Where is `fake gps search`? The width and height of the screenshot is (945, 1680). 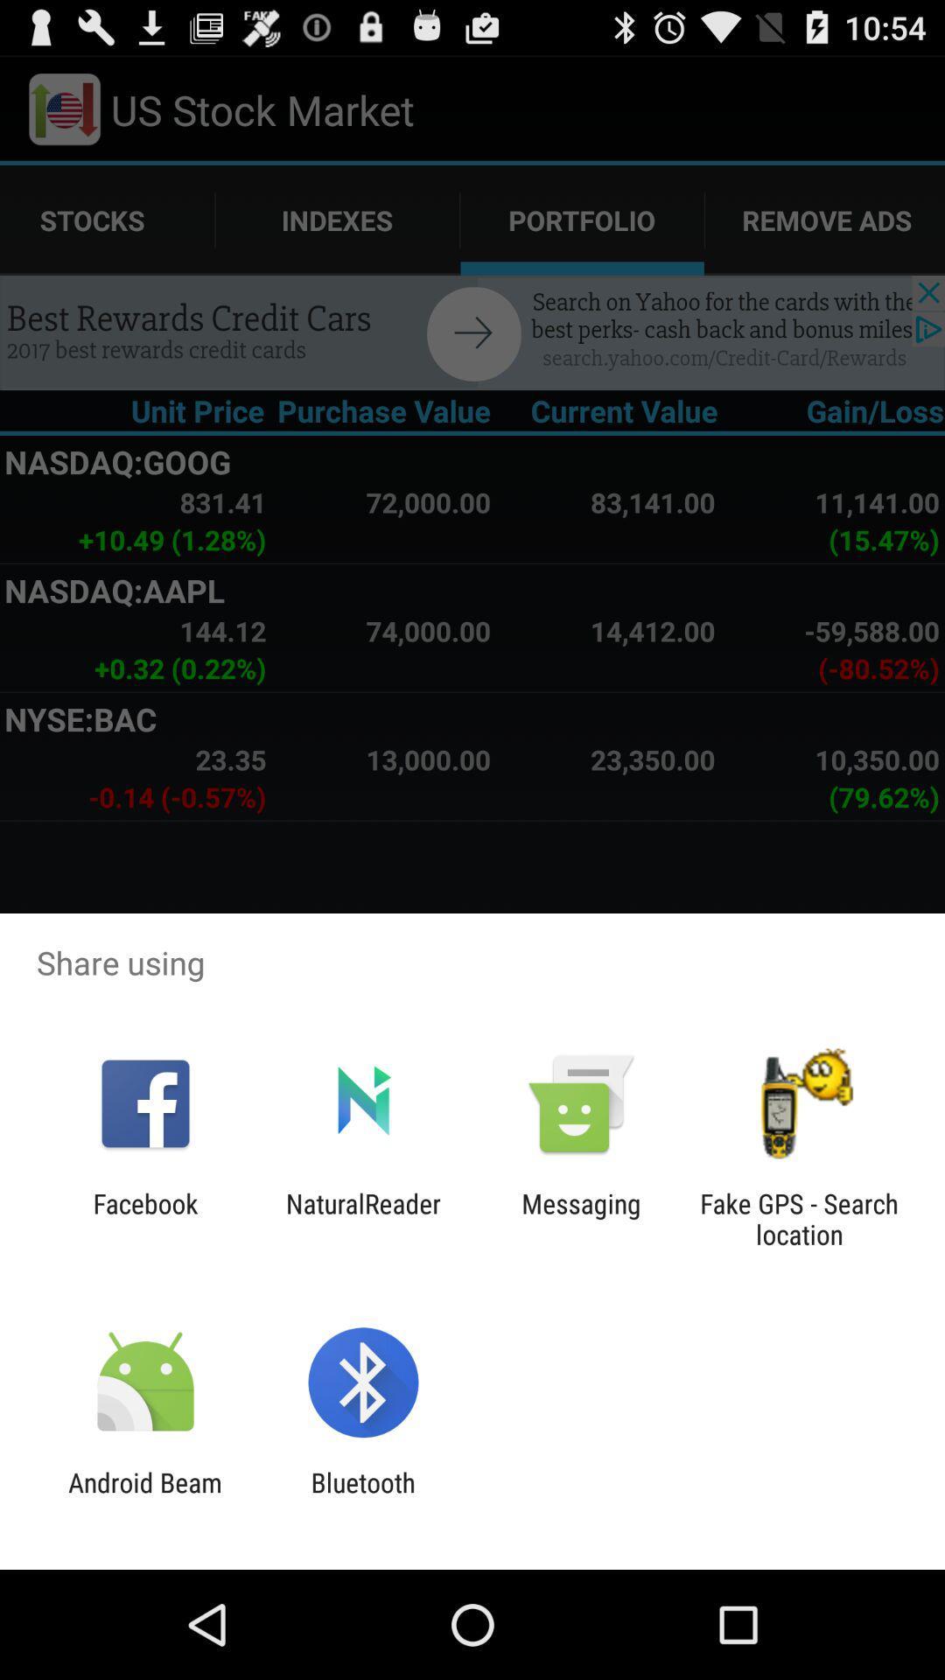
fake gps search is located at coordinates (799, 1218).